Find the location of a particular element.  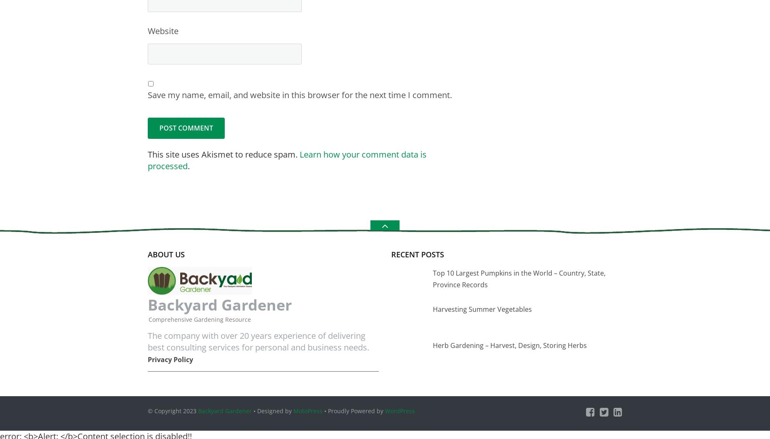

'Website' is located at coordinates (163, 30).